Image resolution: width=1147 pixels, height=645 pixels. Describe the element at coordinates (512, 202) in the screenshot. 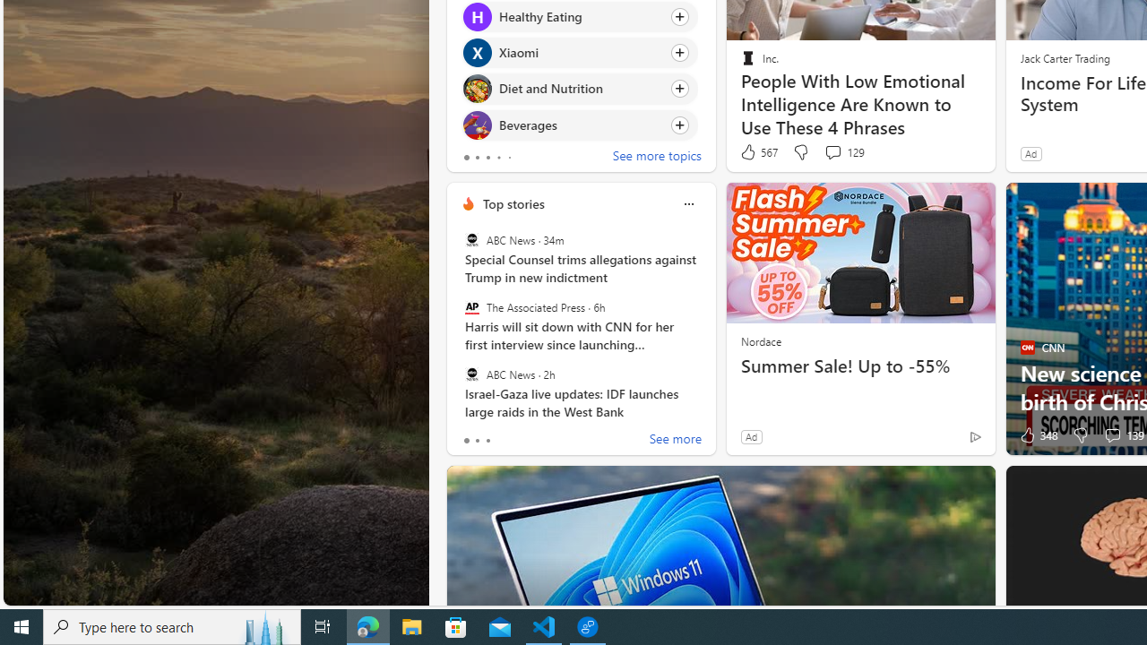

I see `'Top stories'` at that location.